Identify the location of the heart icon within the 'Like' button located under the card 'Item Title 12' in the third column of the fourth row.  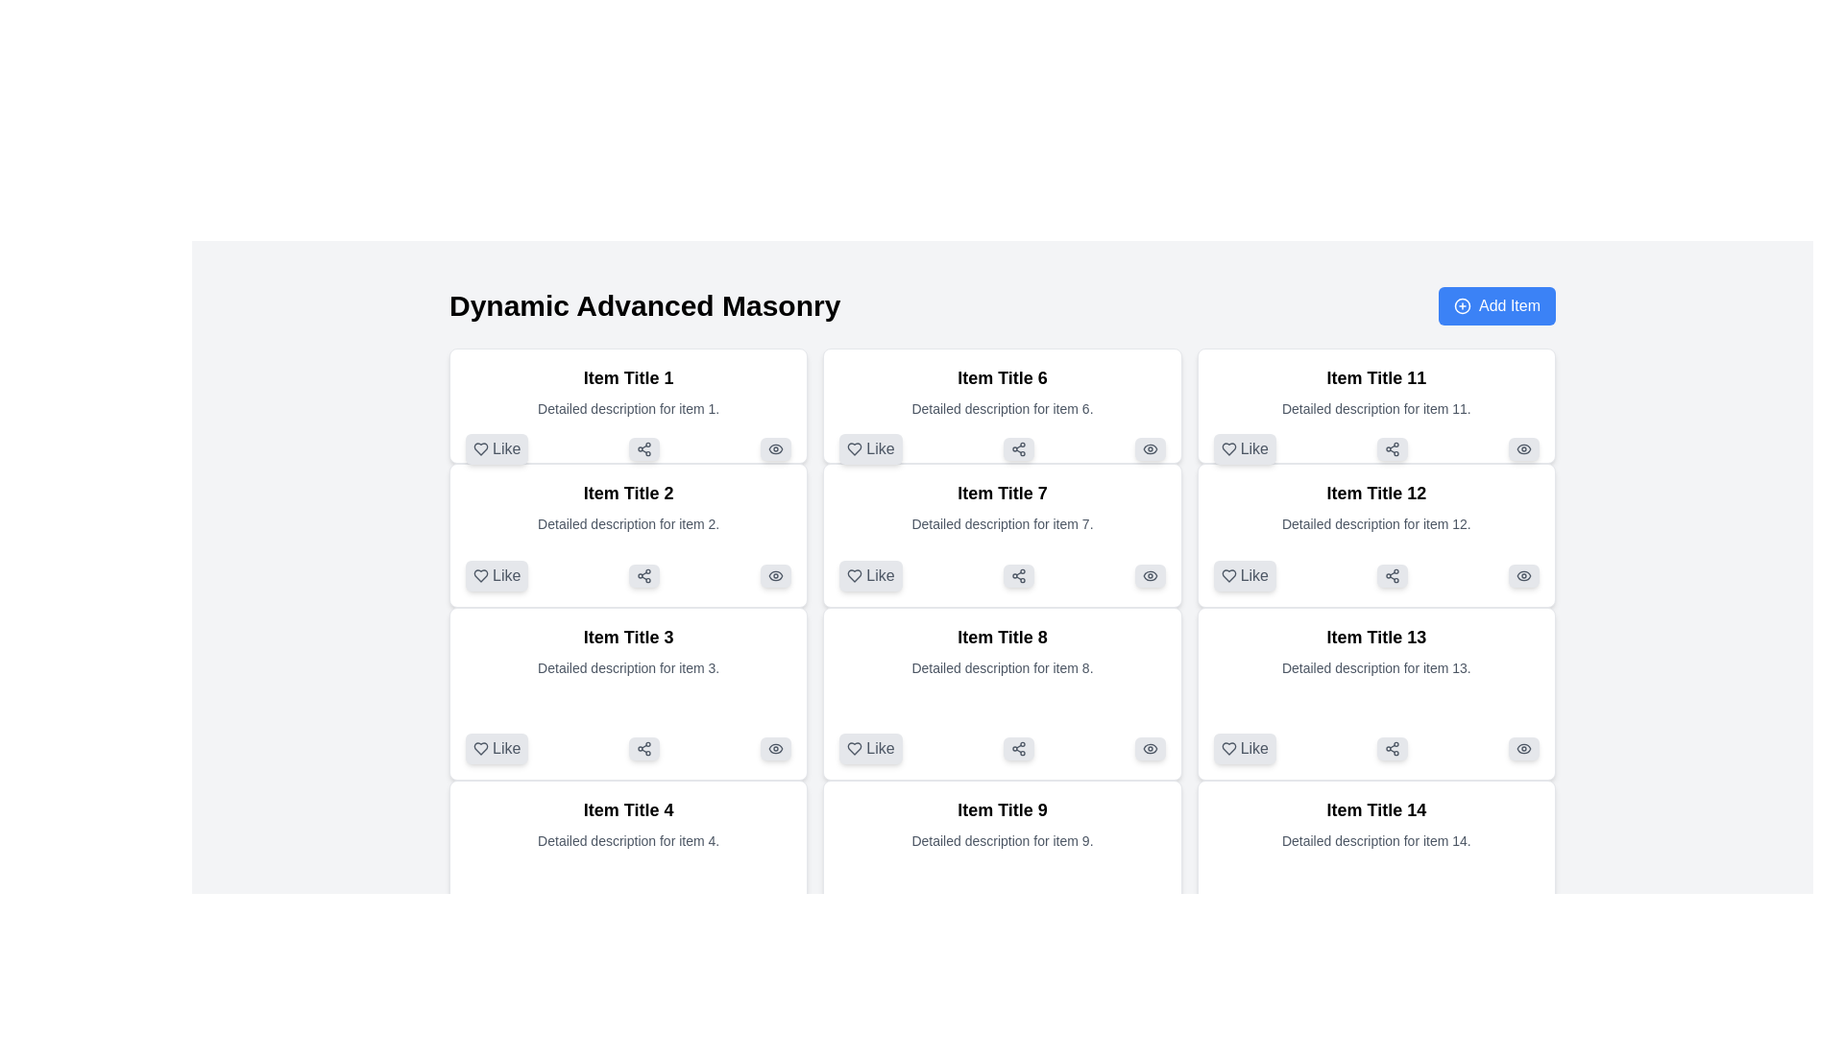
(1227, 575).